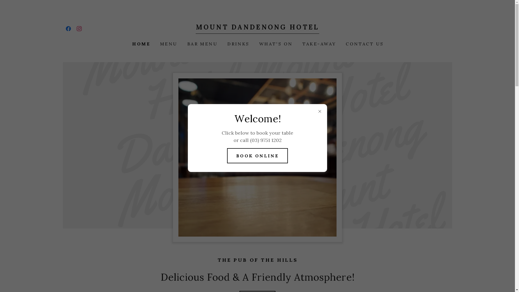  What do you see at coordinates (141, 44) in the screenshot?
I see `'HOME'` at bounding box center [141, 44].